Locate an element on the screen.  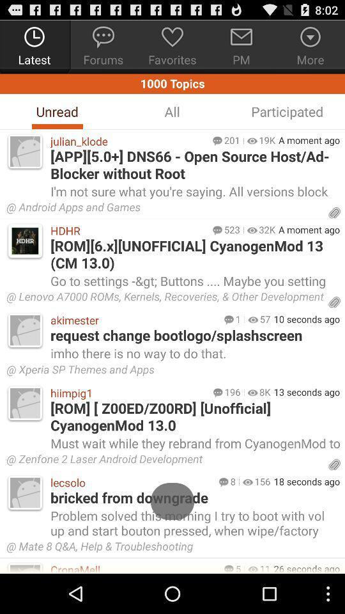
the hdhr app is located at coordinates (128, 230).